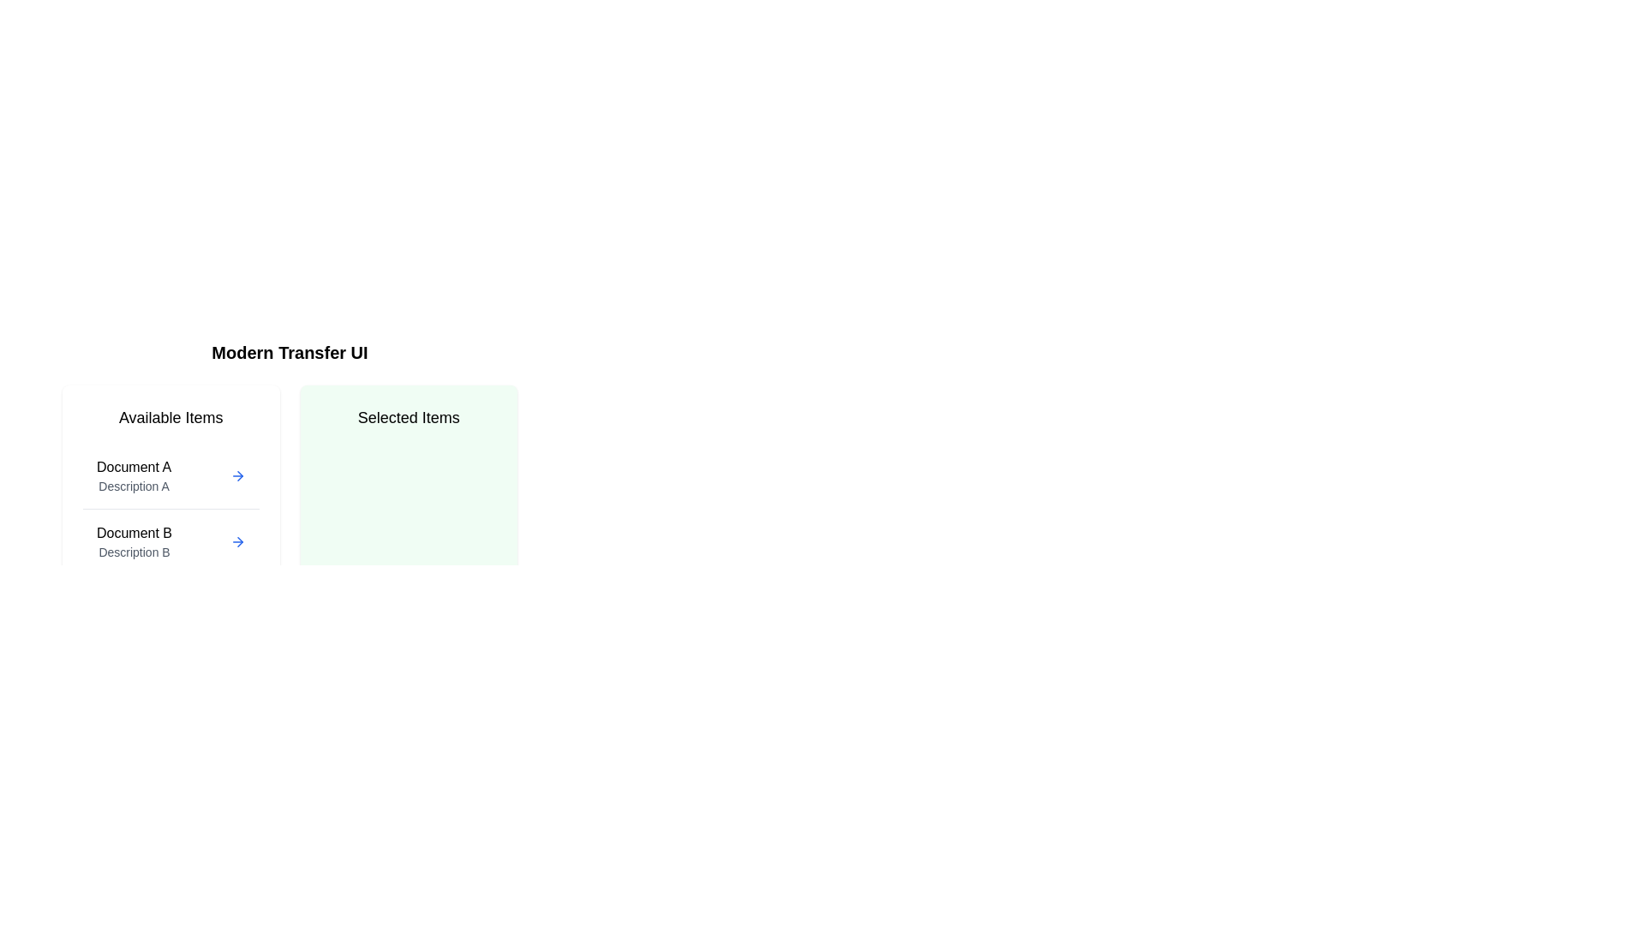  Describe the element at coordinates (133, 468) in the screenshot. I see `the static text label that serves as the title or primary identifier for the corresponding item entry, located above 'Description A' in the 'Available Items' column` at that location.